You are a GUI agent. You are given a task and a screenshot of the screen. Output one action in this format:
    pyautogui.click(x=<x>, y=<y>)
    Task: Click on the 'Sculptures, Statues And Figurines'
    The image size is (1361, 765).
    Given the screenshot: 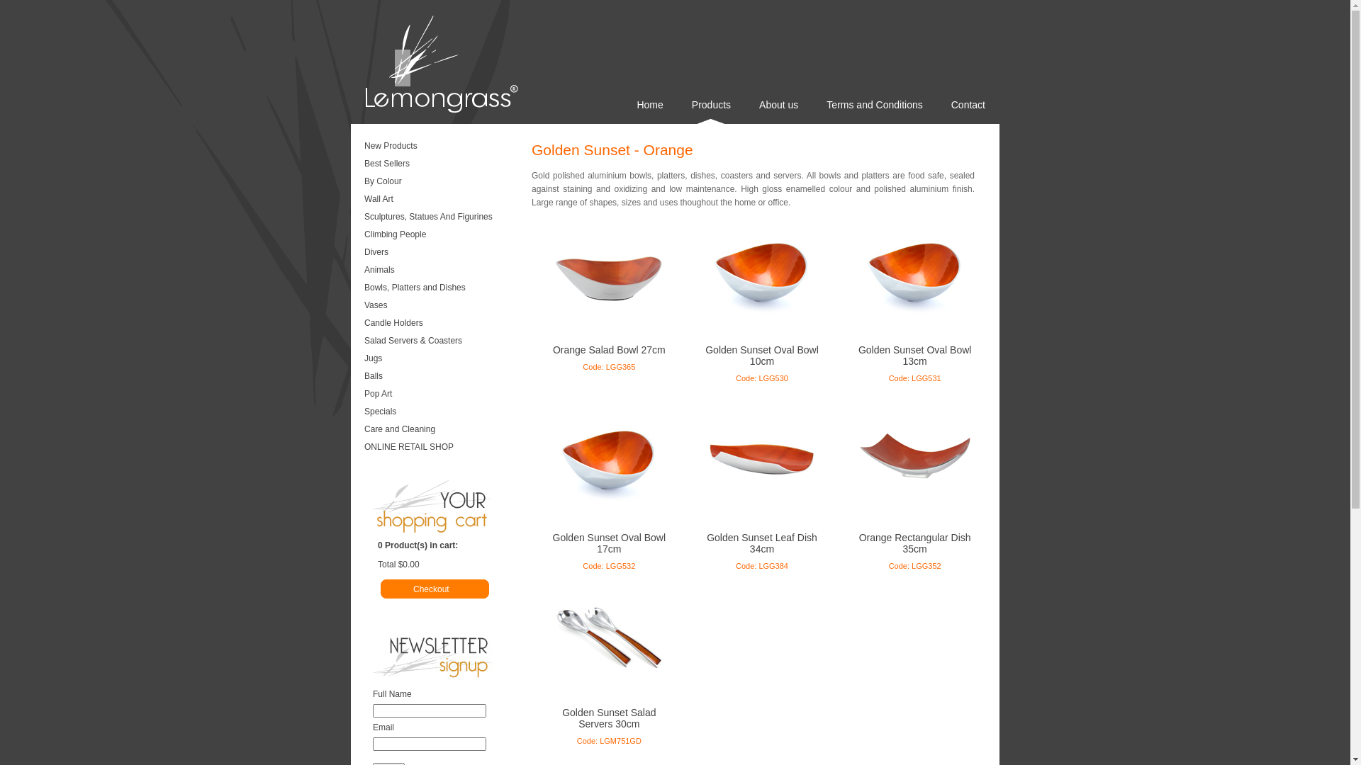 What is the action you would take?
    pyautogui.click(x=438, y=218)
    